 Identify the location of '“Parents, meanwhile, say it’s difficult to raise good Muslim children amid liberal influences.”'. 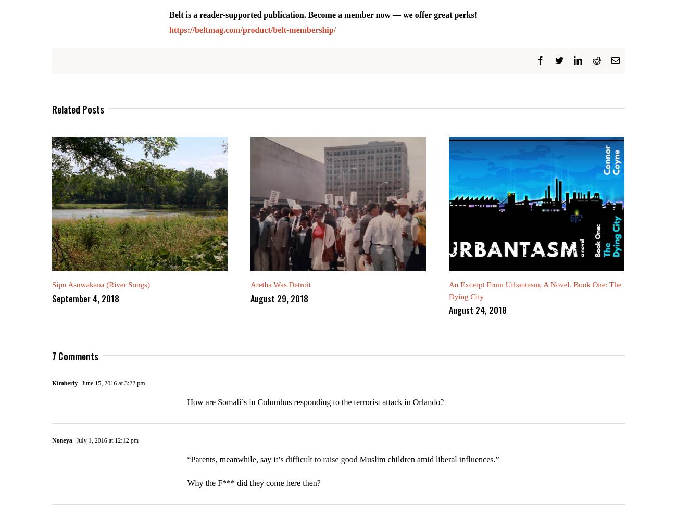
(342, 466).